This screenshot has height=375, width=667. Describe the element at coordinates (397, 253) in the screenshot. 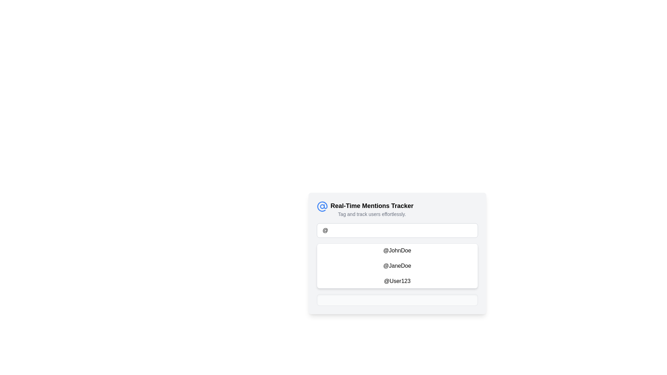

I see `the user mention text element displaying '@JohnDoe', which is the first item` at that location.